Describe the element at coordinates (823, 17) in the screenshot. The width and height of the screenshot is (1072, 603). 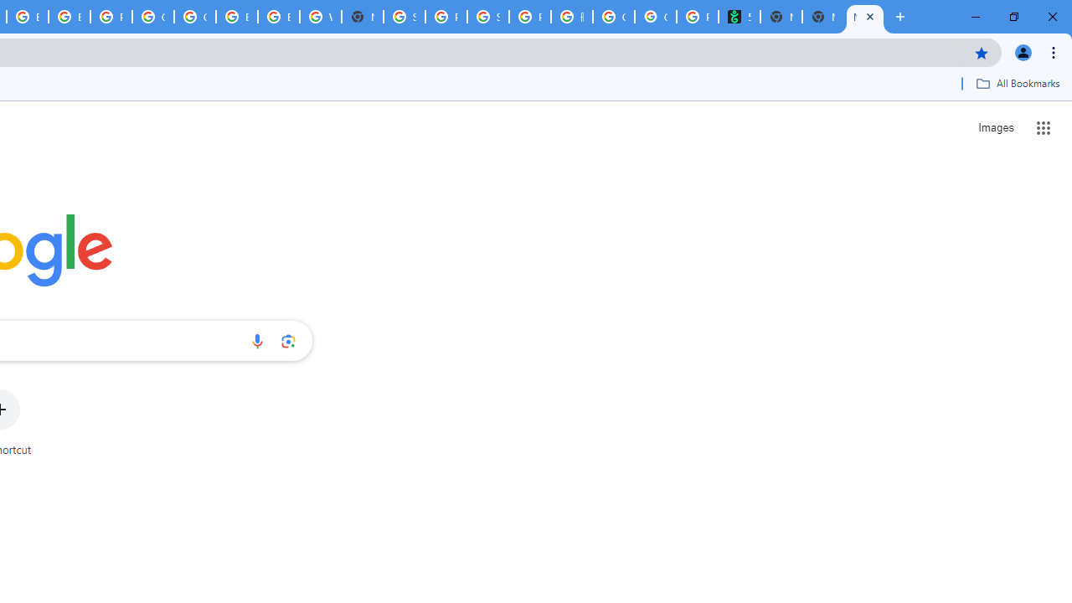
I see `'New Tab'` at that location.